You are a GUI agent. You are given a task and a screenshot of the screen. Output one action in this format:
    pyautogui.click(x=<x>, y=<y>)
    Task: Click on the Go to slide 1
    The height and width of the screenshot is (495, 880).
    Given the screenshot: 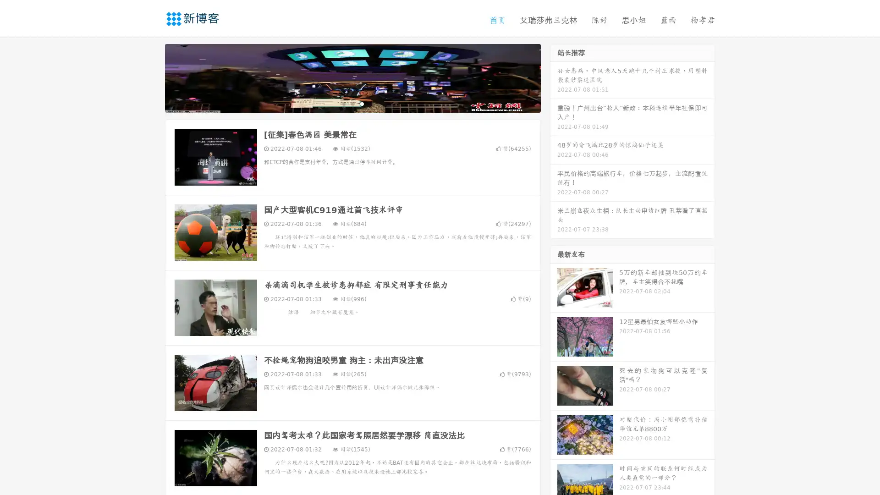 What is the action you would take?
    pyautogui.click(x=343, y=103)
    